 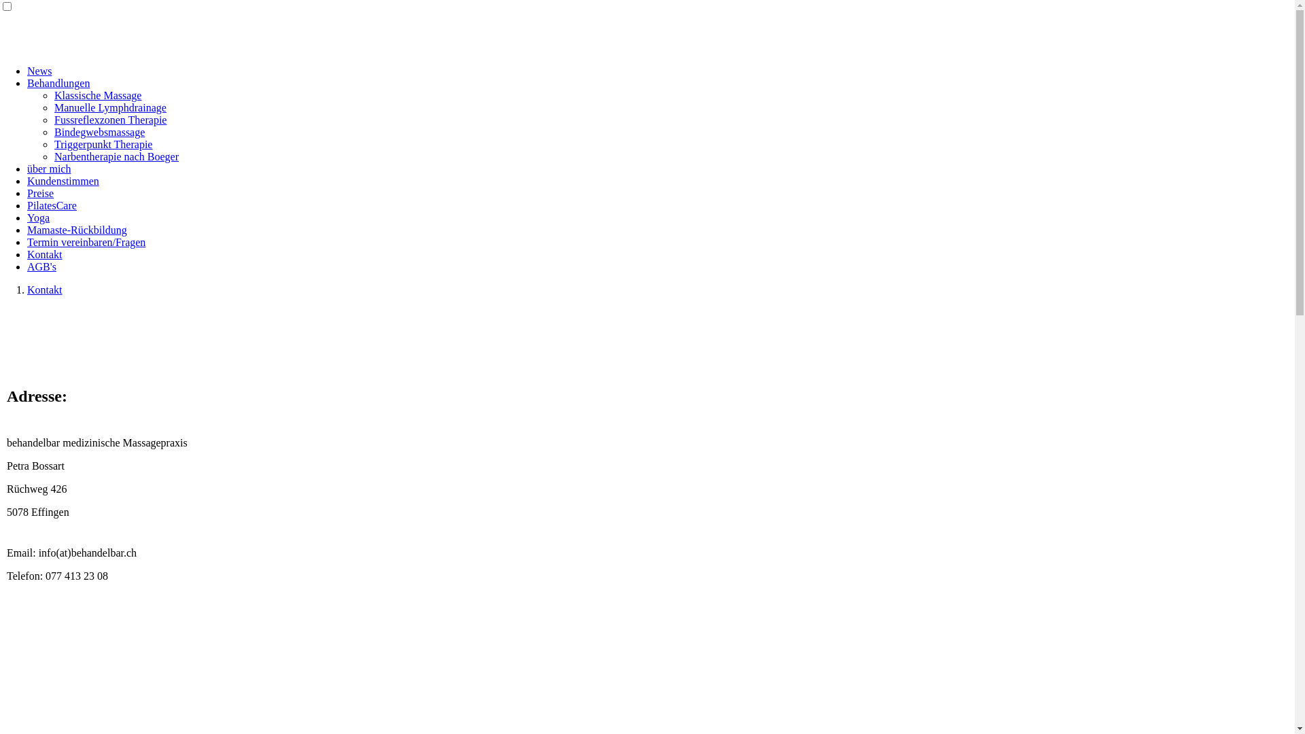 What do you see at coordinates (54, 132) in the screenshot?
I see `'Bindegwebsmassage'` at bounding box center [54, 132].